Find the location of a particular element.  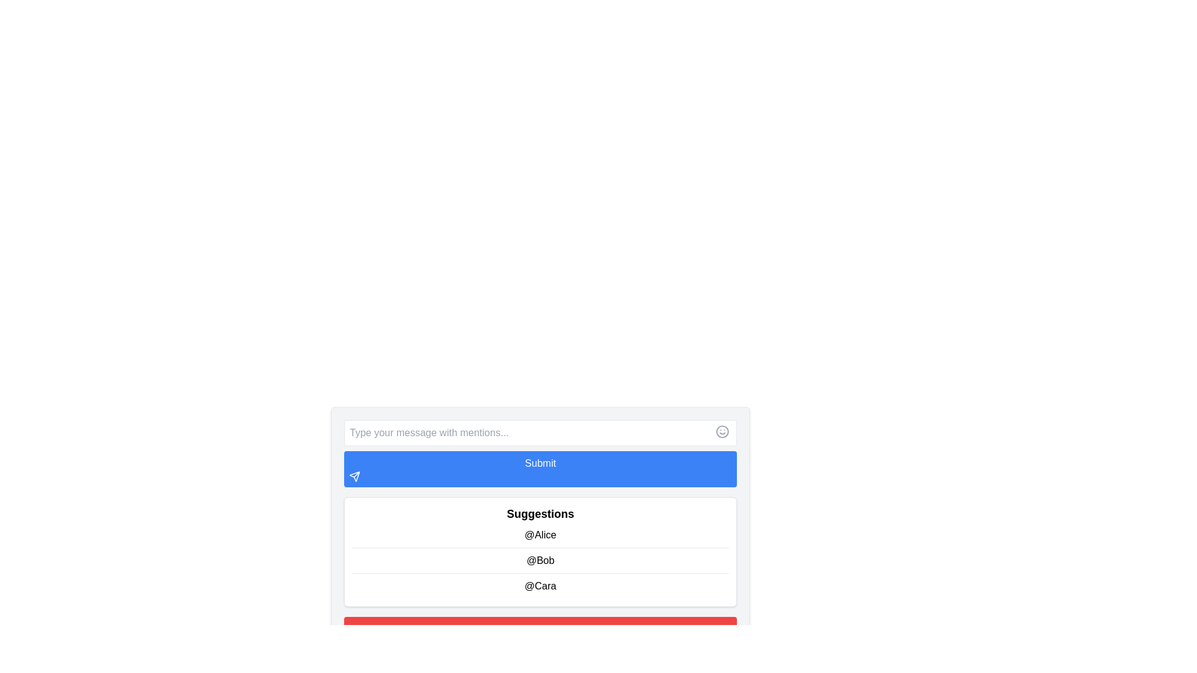

the smiling face circular icon located on the far right side of the 'Type your message with mentions...' text input box is located at coordinates (722, 431).